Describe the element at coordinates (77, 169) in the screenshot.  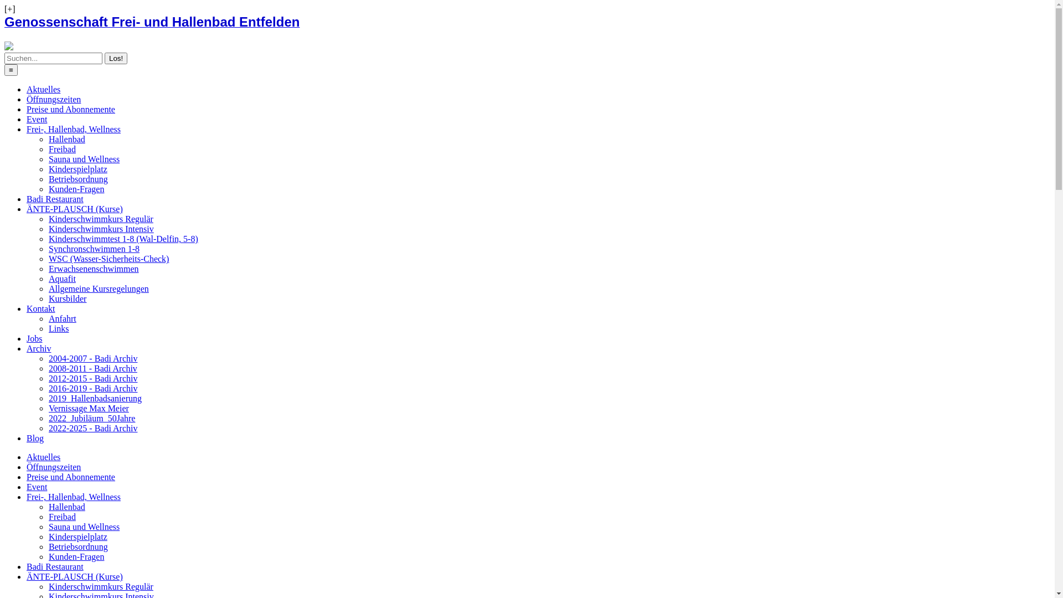
I see `'Kinderspielplatz'` at that location.